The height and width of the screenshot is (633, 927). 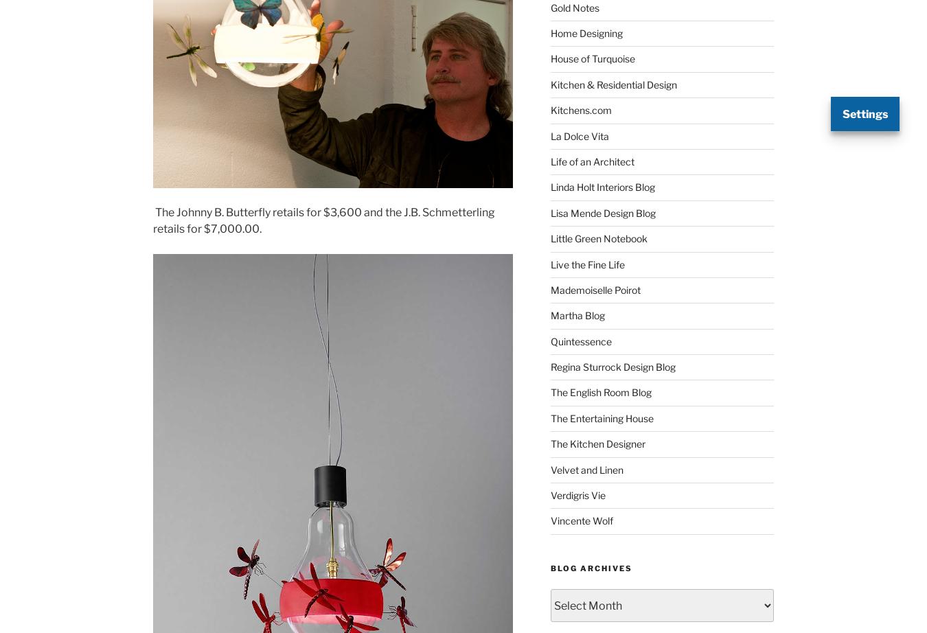 I want to click on 'Life of an Architect', so click(x=591, y=160).